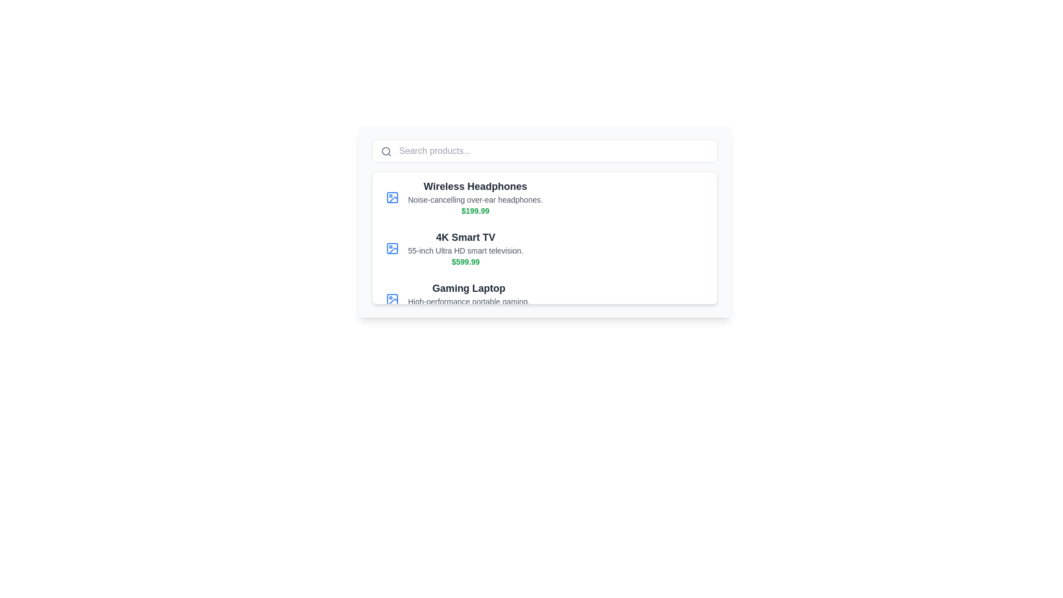 This screenshot has width=1063, height=598. Describe the element at coordinates (393, 248) in the screenshot. I see `the icon resembling an image placeholder with a blue stroke color, located to the left of the product information '4K Smart TV'` at that location.